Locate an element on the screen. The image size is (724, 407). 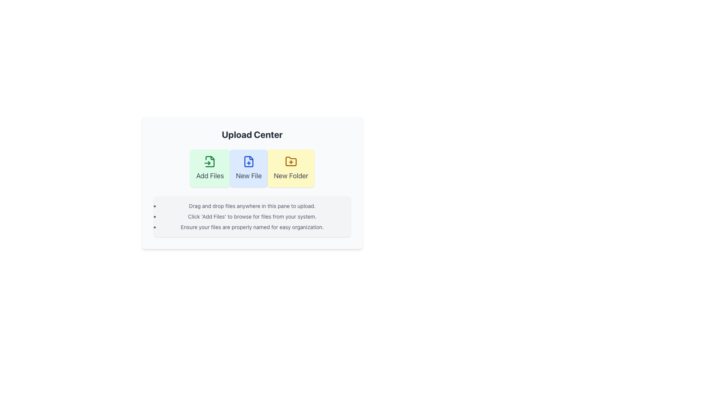
the leftmost button in a horizontal layout that allows users to upload files, which will display hover effects is located at coordinates (210, 168).